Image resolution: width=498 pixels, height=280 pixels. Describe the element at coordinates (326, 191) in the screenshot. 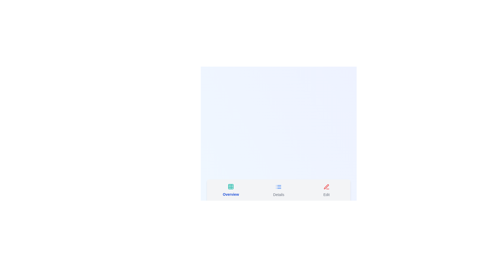

I see `the Edit tab to inspect its layout and visual styling` at that location.